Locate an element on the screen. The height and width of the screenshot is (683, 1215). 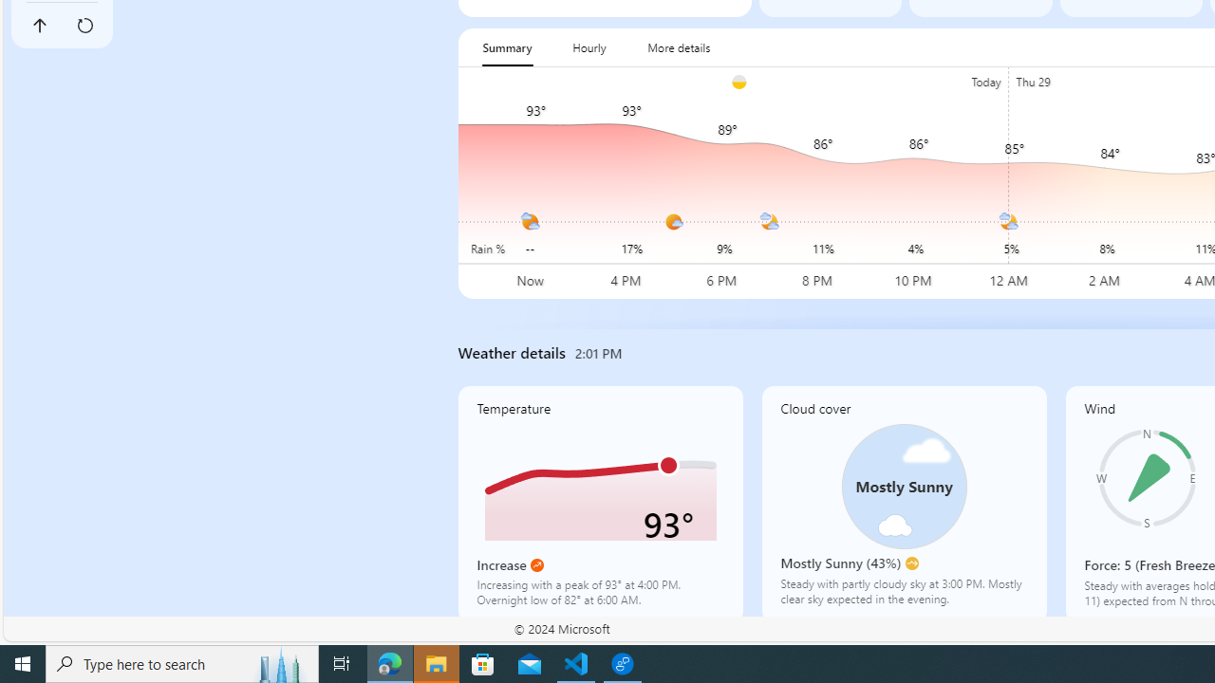
'Cloud cover' is located at coordinates (903, 503).